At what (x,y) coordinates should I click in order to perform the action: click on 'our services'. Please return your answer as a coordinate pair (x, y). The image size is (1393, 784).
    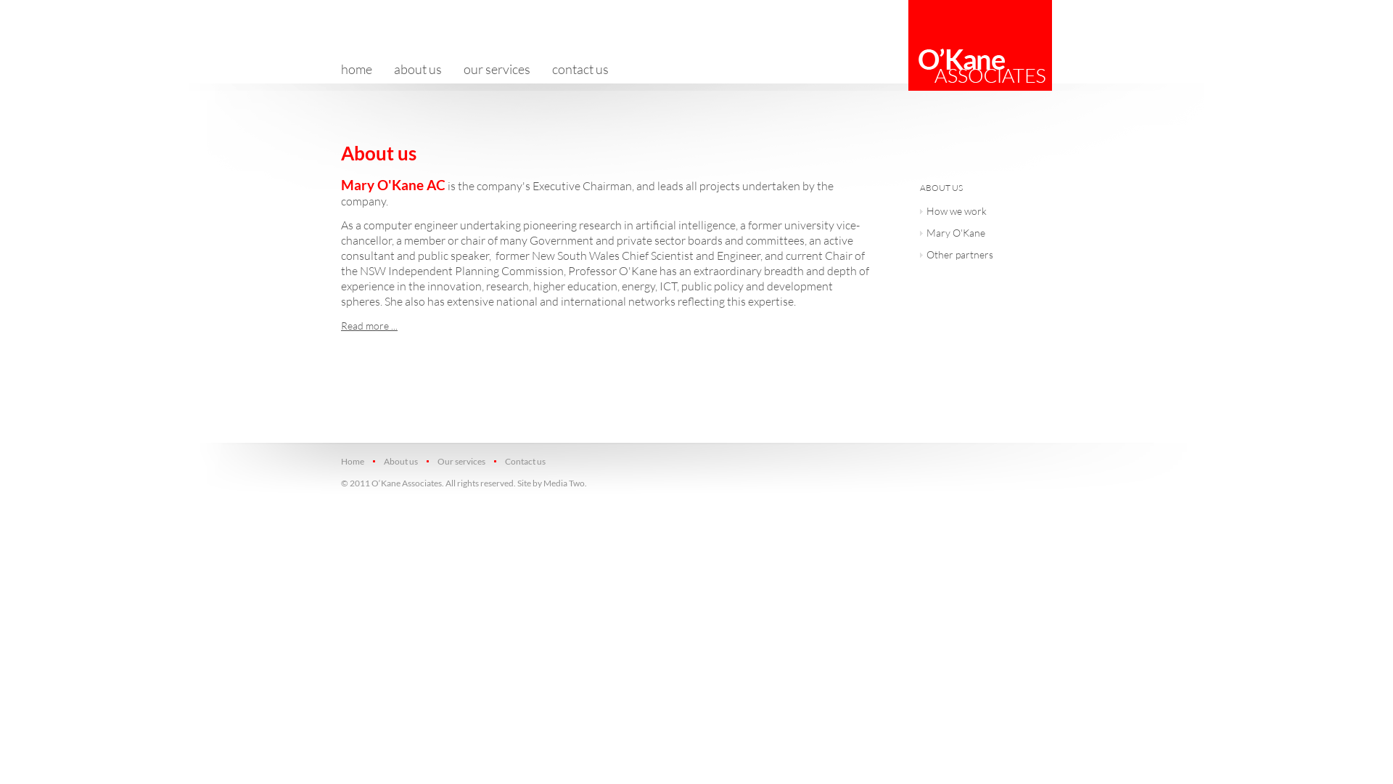
    Looking at the image, I should click on (497, 69).